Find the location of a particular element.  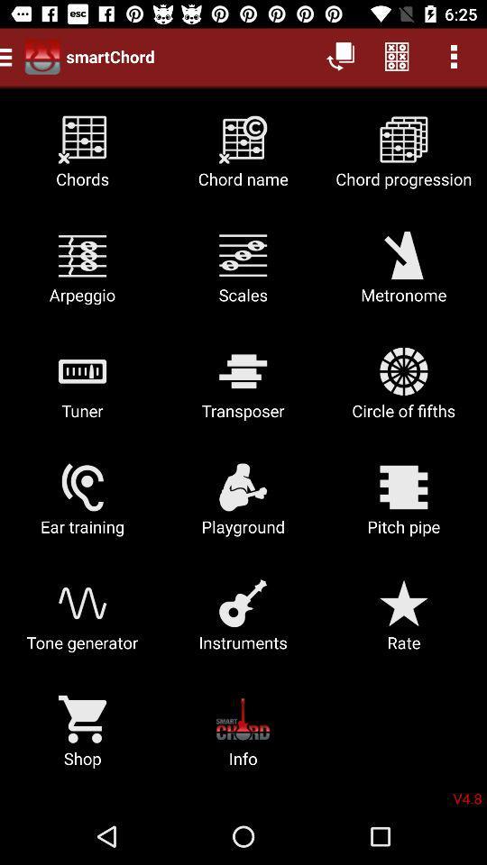

the item next to chord name is located at coordinates (81, 157).